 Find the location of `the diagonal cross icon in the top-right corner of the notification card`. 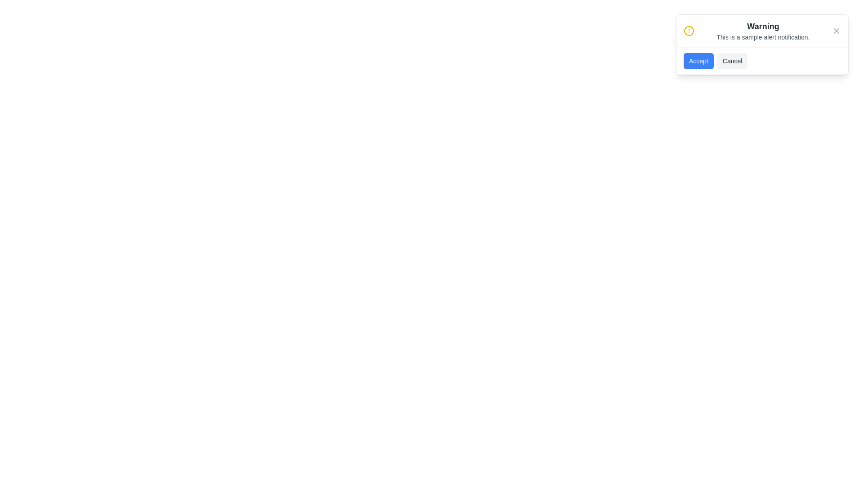

the diagonal cross icon in the top-right corner of the notification card is located at coordinates (836, 31).